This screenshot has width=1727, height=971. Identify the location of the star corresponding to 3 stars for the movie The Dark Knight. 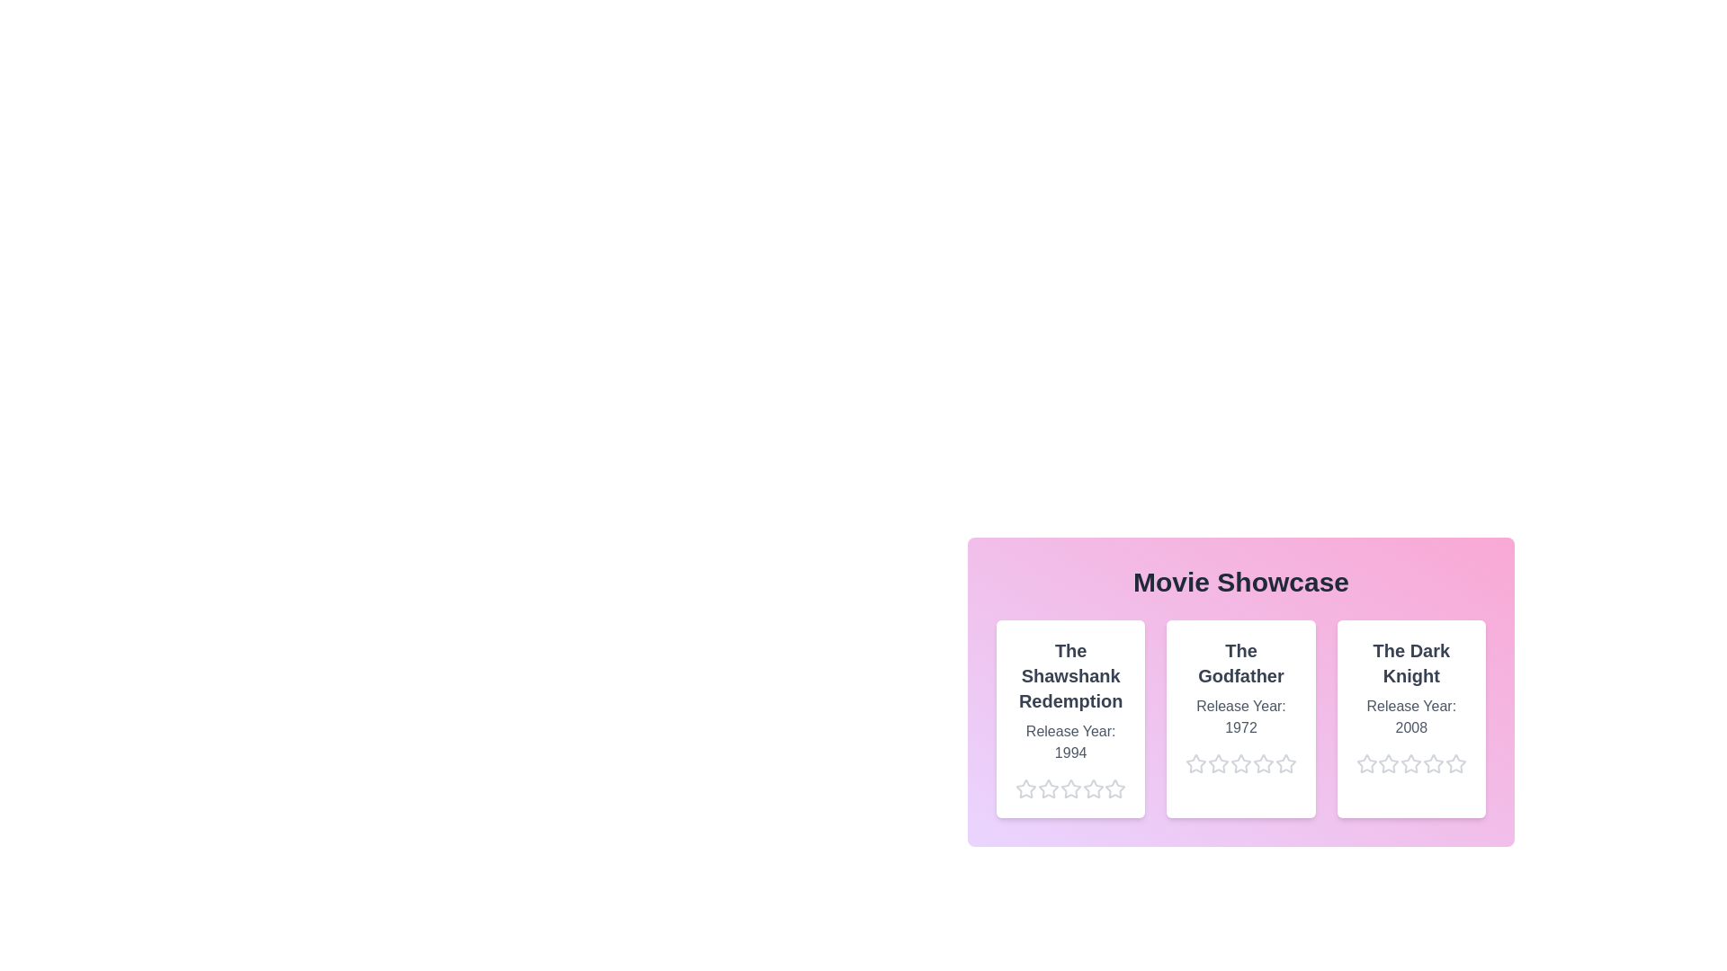
(1400, 763).